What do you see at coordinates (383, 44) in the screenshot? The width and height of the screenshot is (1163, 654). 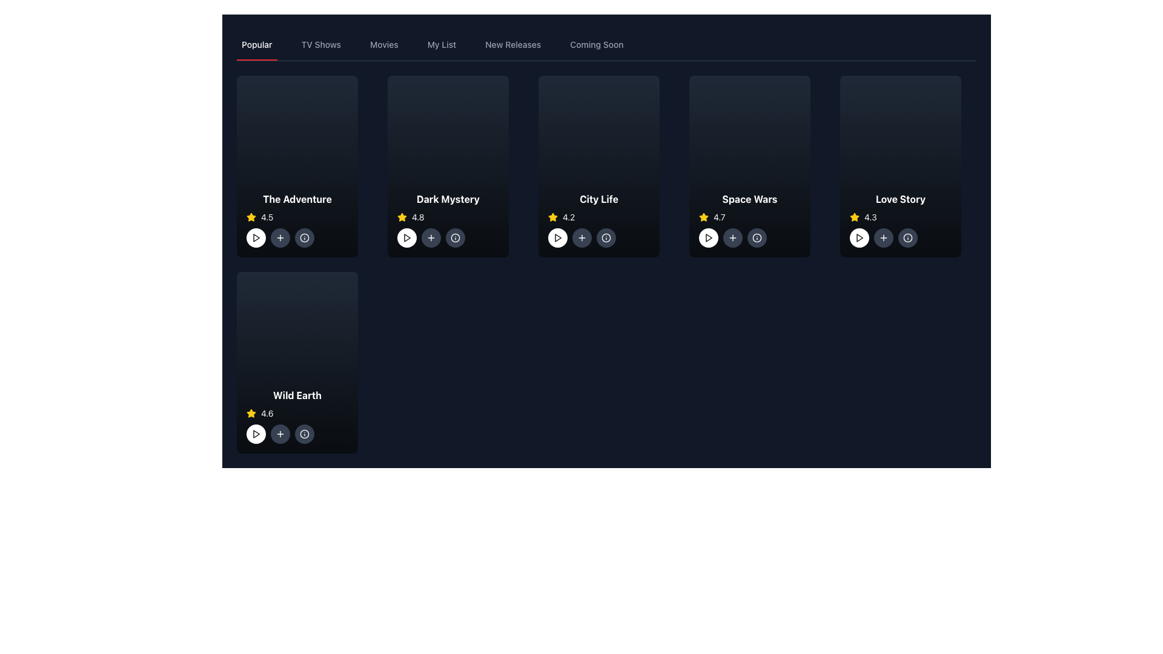 I see `the 'Movies' text link, which is the third item` at bounding box center [383, 44].